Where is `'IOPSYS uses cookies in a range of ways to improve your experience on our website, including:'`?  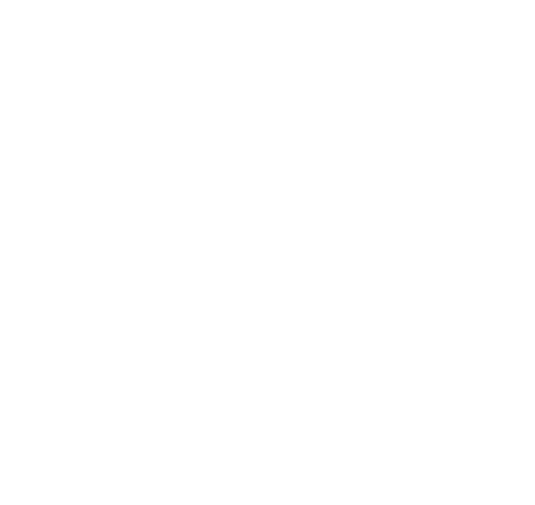 'IOPSYS uses cookies in a range of ways to improve your experience on our website, including:' is located at coordinates (201, 320).